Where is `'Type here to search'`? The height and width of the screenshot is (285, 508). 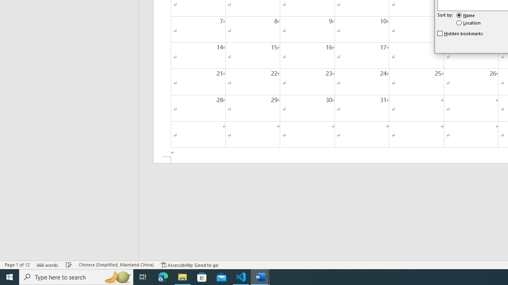 'Type here to search' is located at coordinates (76, 276).